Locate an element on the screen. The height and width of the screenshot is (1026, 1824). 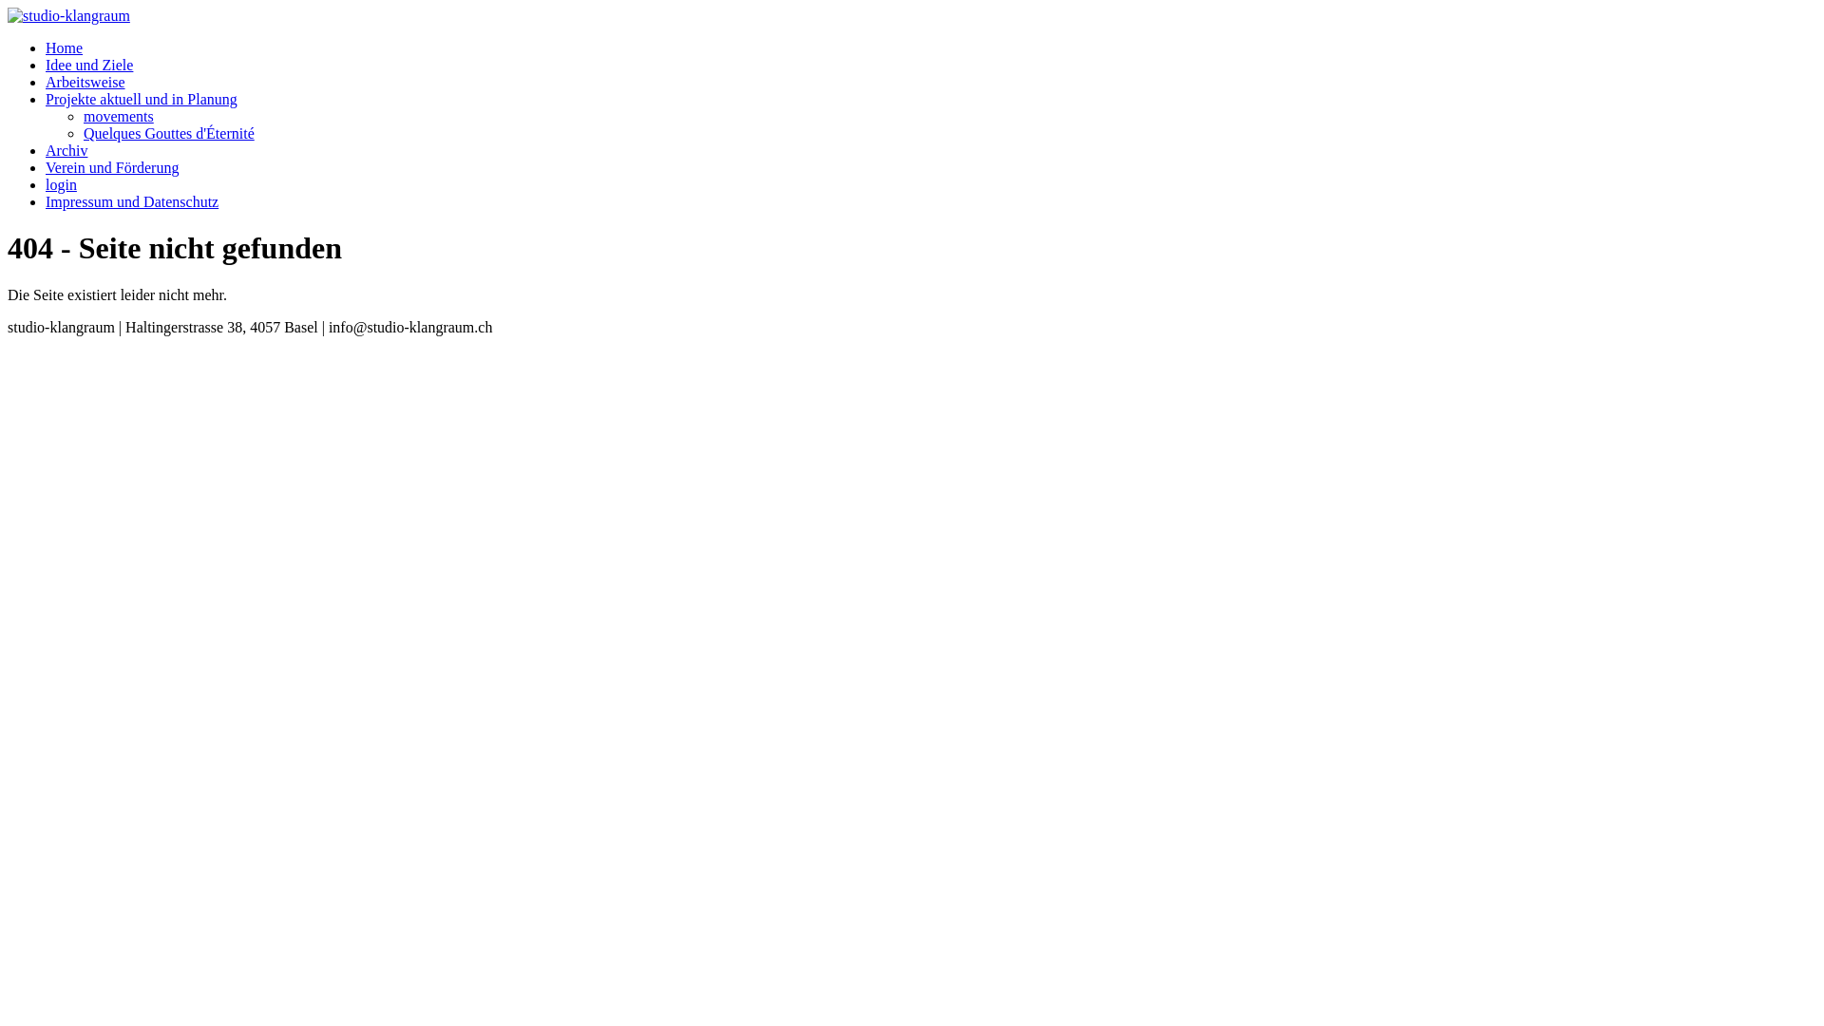
'Projekte aktuell und in Planung' is located at coordinates (46, 99).